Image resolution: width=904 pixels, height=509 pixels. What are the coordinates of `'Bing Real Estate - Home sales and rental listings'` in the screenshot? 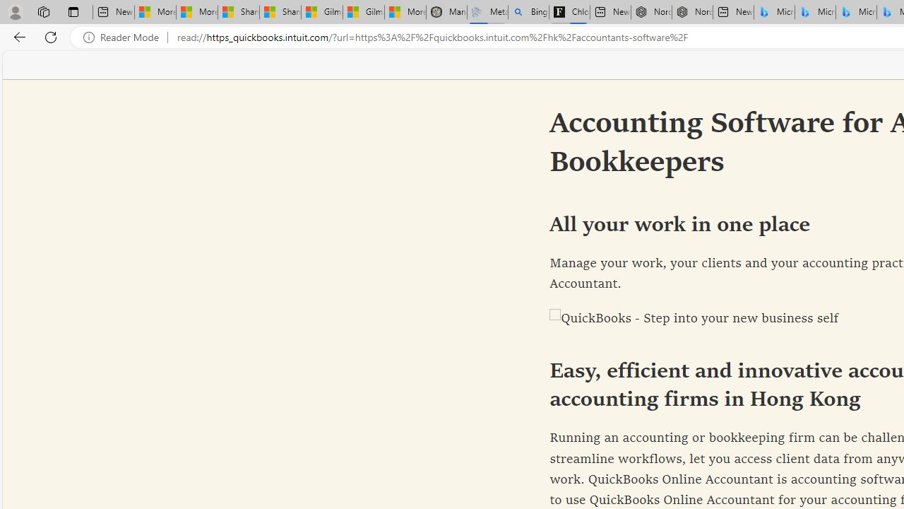 It's located at (528, 12).